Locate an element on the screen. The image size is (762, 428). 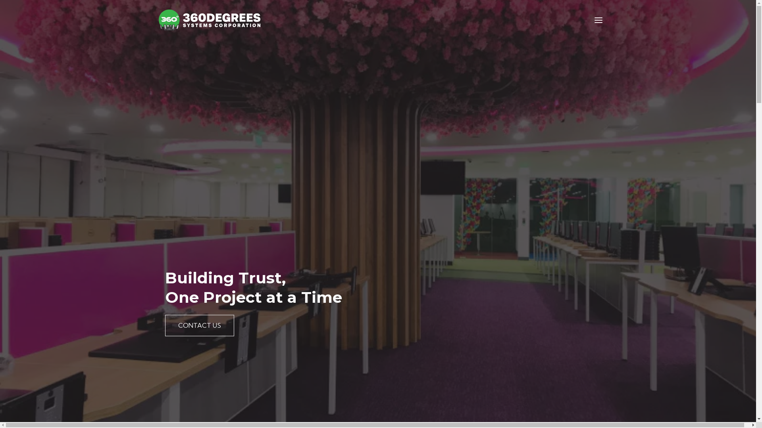
'CONTACT US' is located at coordinates (200, 325).